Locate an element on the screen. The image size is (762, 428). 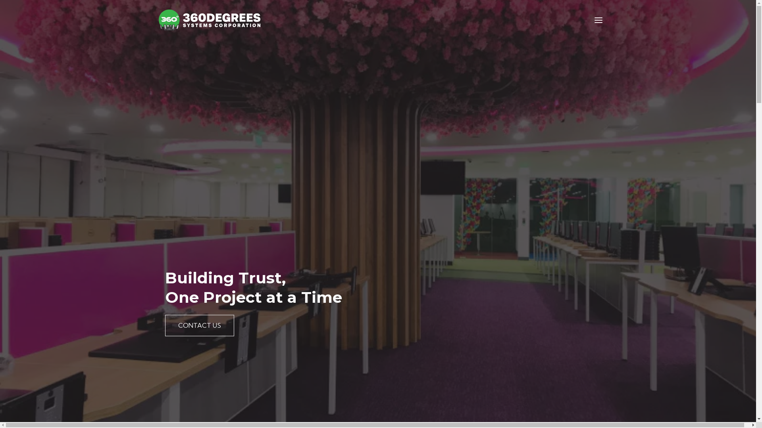
'CONTACT US' is located at coordinates (200, 325).